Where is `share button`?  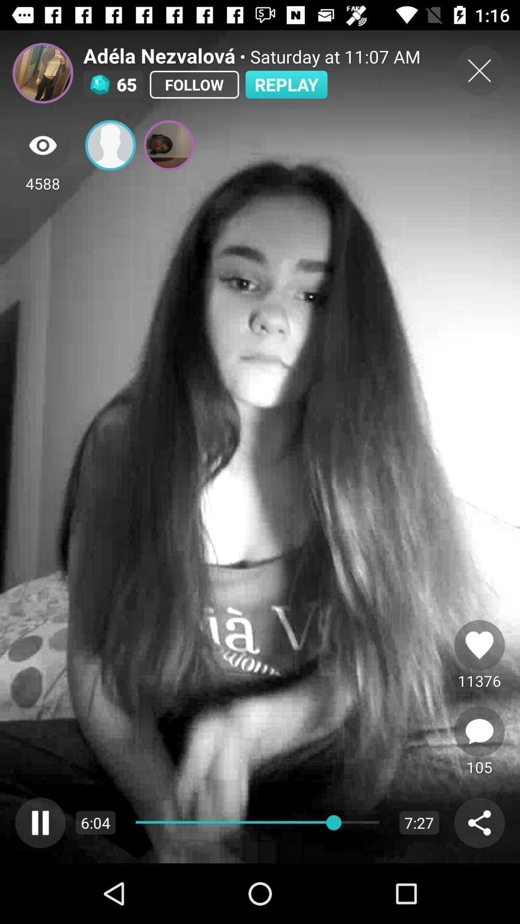 share button is located at coordinates (479, 822).